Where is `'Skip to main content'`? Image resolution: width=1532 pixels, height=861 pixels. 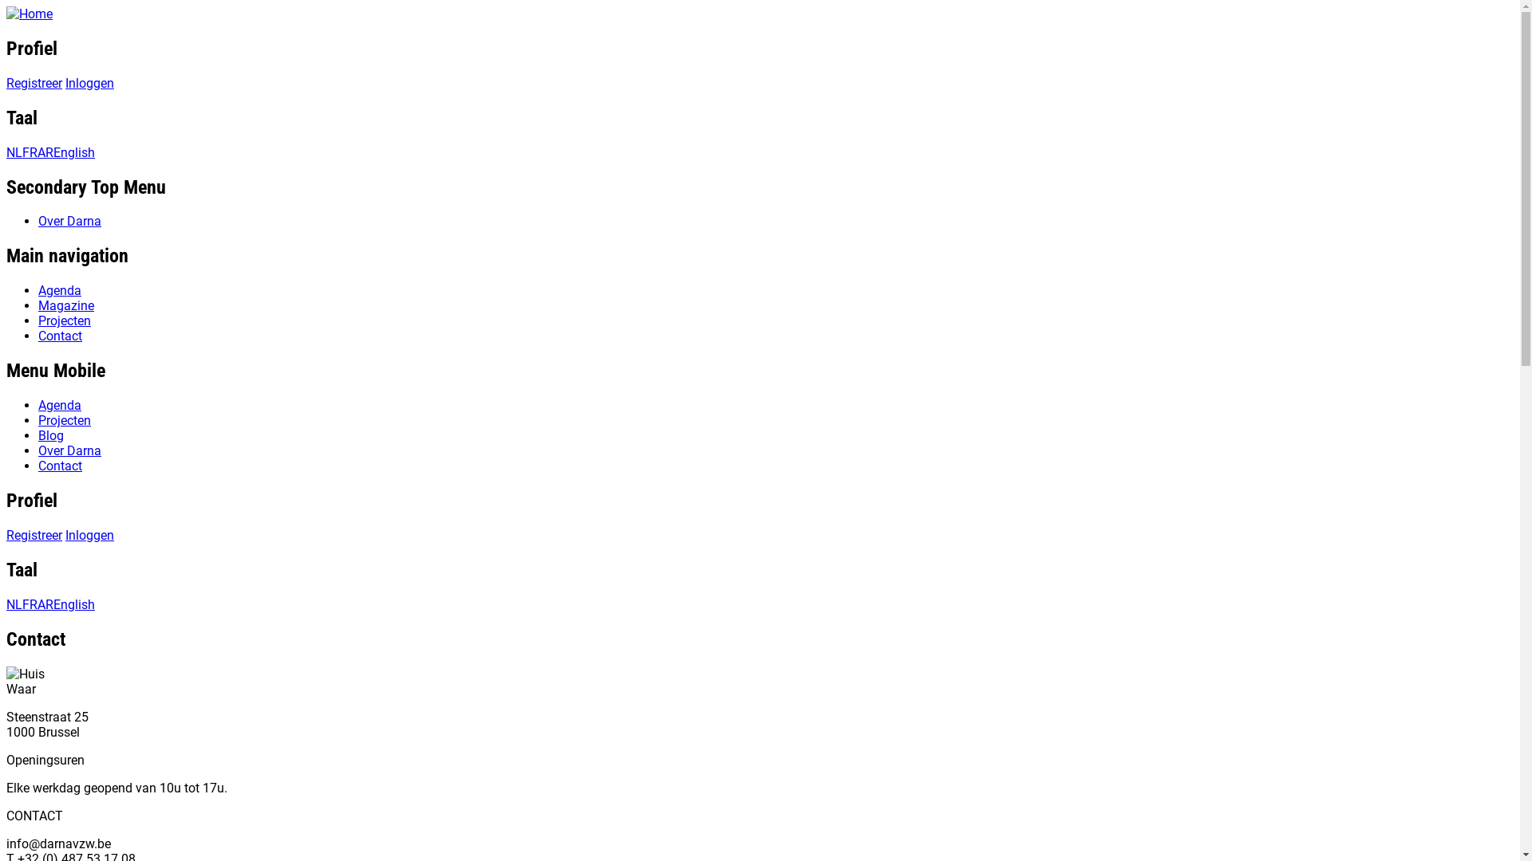
'Skip to main content' is located at coordinates (6, 6).